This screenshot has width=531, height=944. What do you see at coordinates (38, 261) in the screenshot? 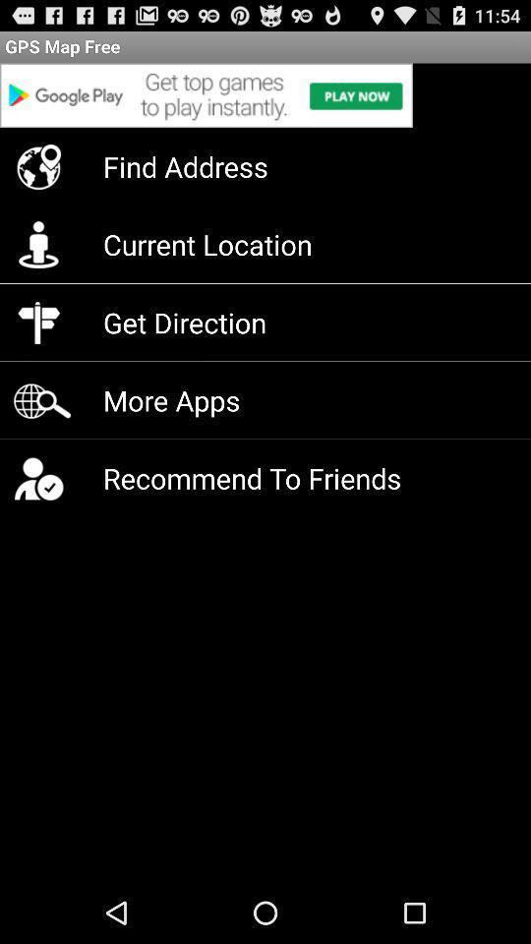
I see `the info icon` at bounding box center [38, 261].